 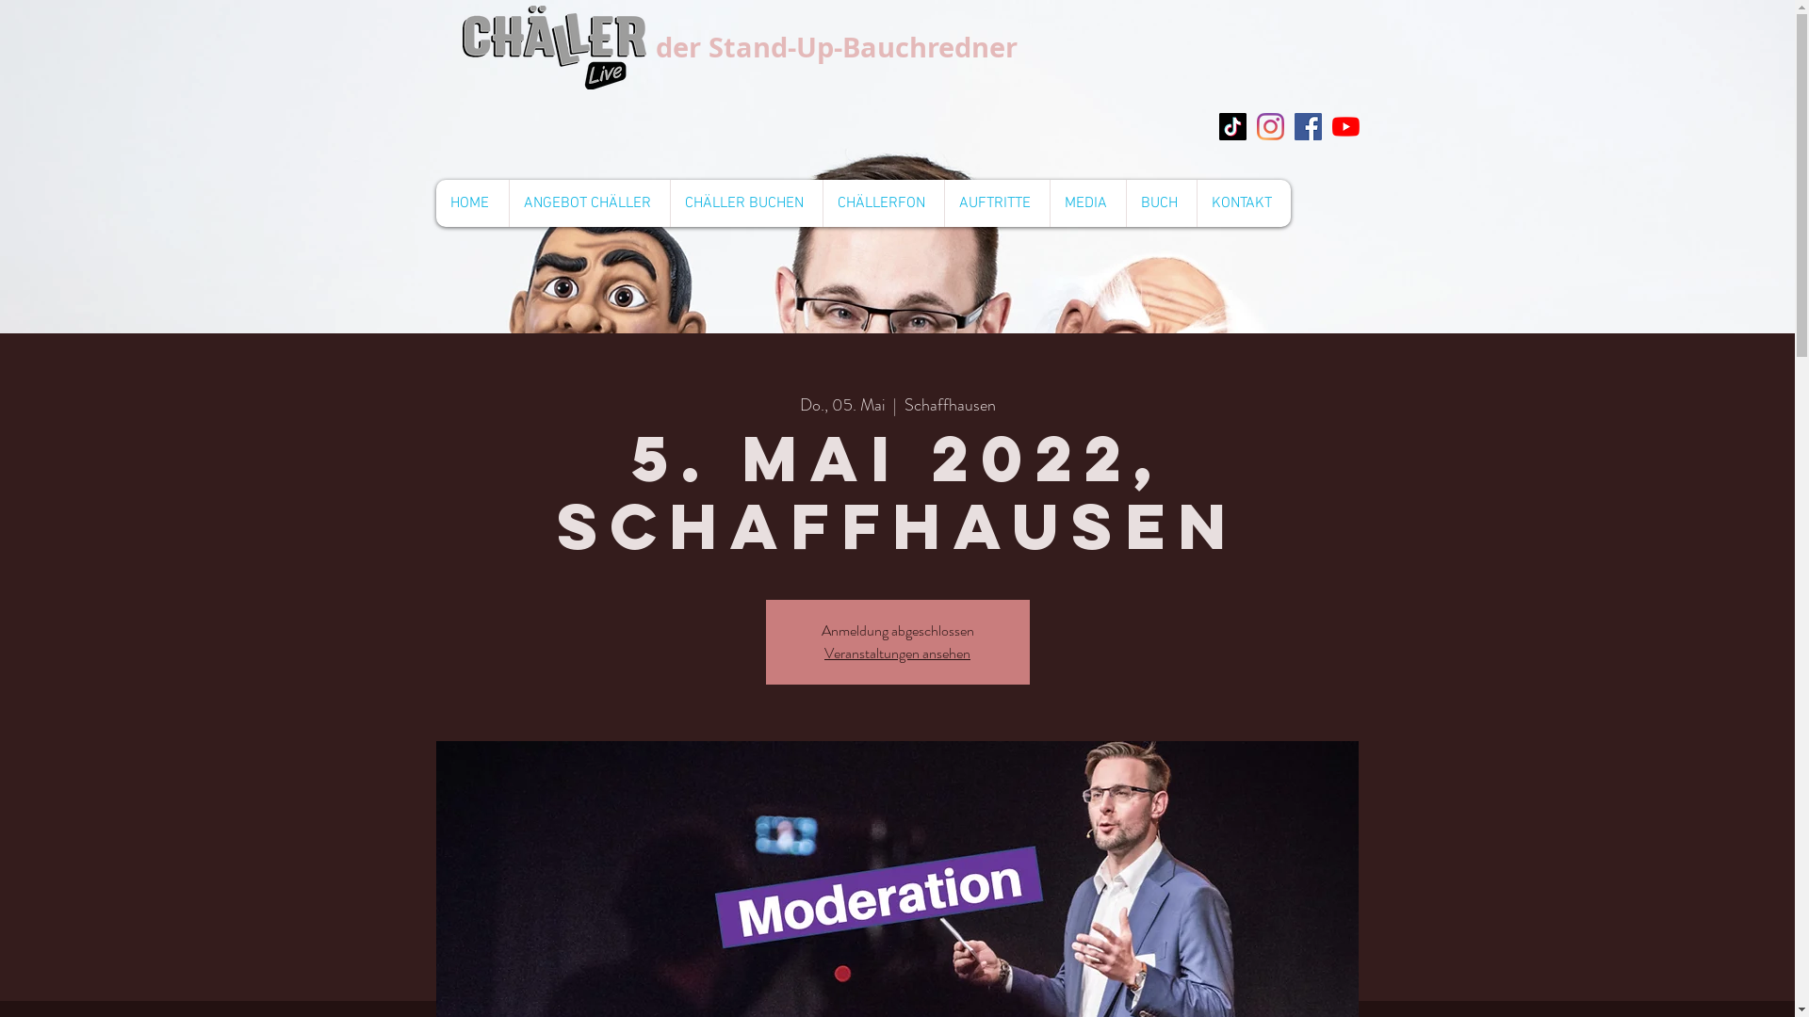 What do you see at coordinates (1087, 203) in the screenshot?
I see `'MEDIA'` at bounding box center [1087, 203].